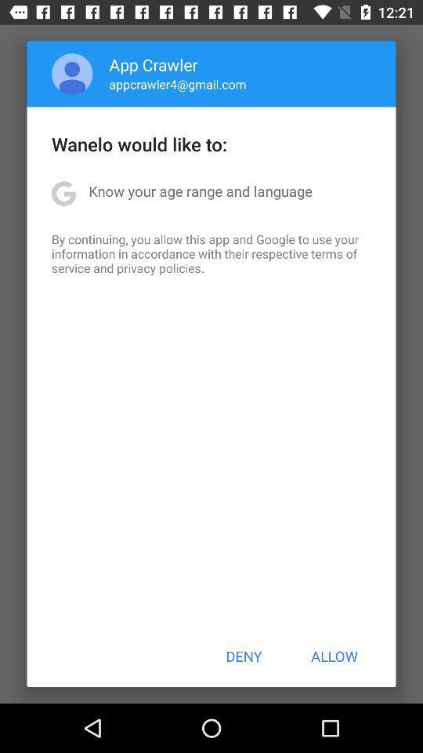 The image size is (423, 753). What do you see at coordinates (244, 656) in the screenshot?
I see `deny icon` at bounding box center [244, 656].